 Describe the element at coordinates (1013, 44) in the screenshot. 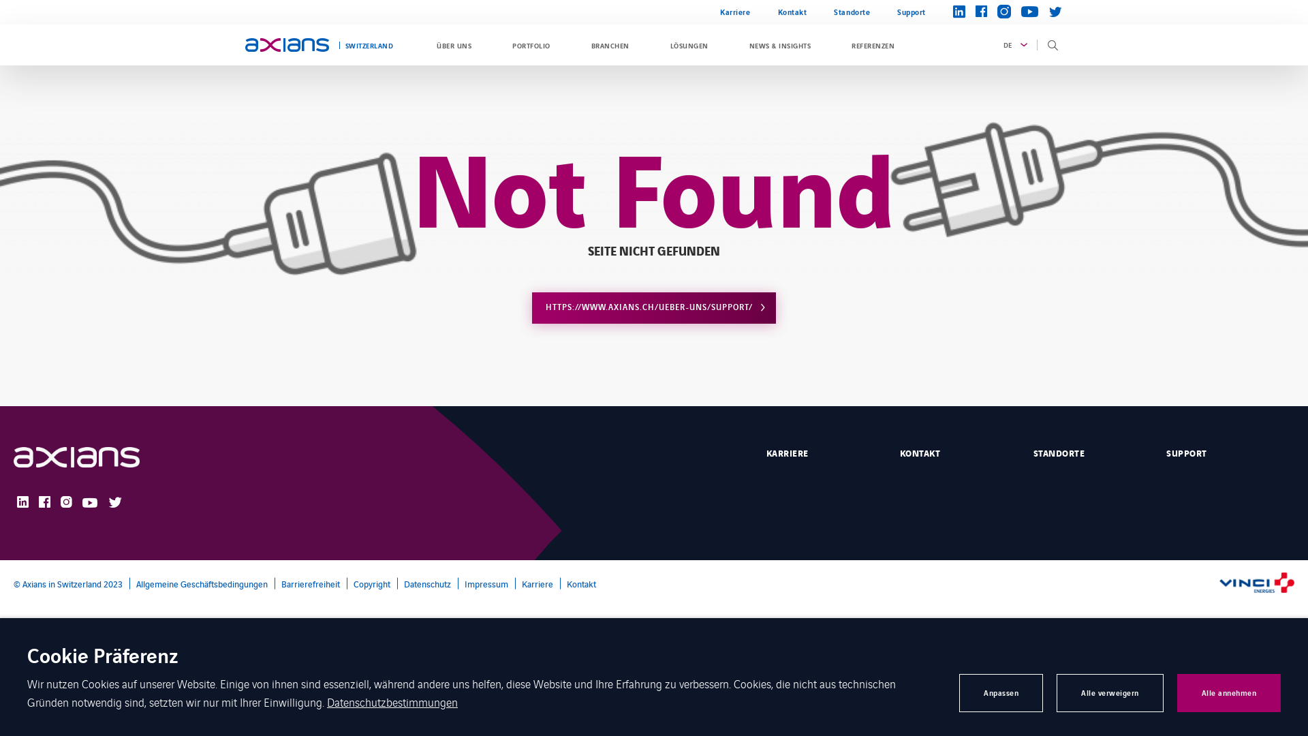

I see `'DE'` at that location.